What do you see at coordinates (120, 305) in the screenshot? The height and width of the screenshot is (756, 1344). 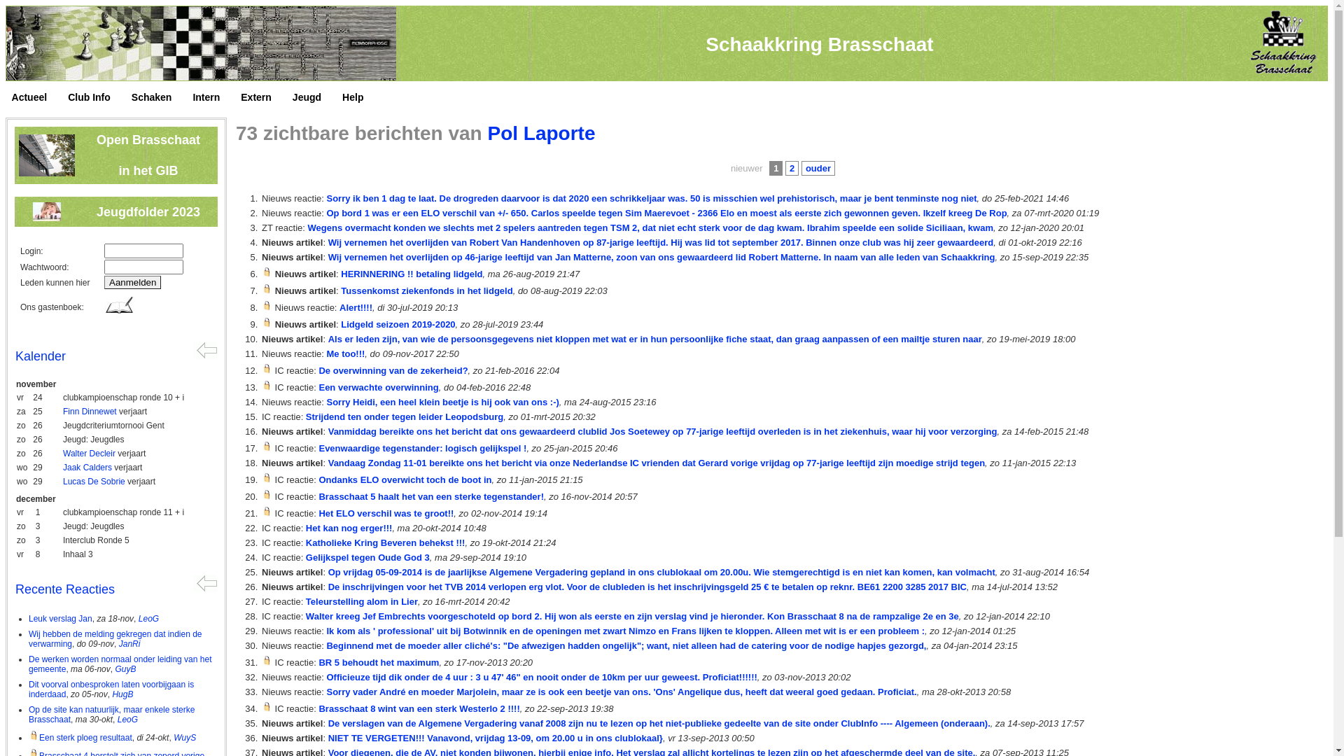 I see `'Gastenboek'` at bounding box center [120, 305].